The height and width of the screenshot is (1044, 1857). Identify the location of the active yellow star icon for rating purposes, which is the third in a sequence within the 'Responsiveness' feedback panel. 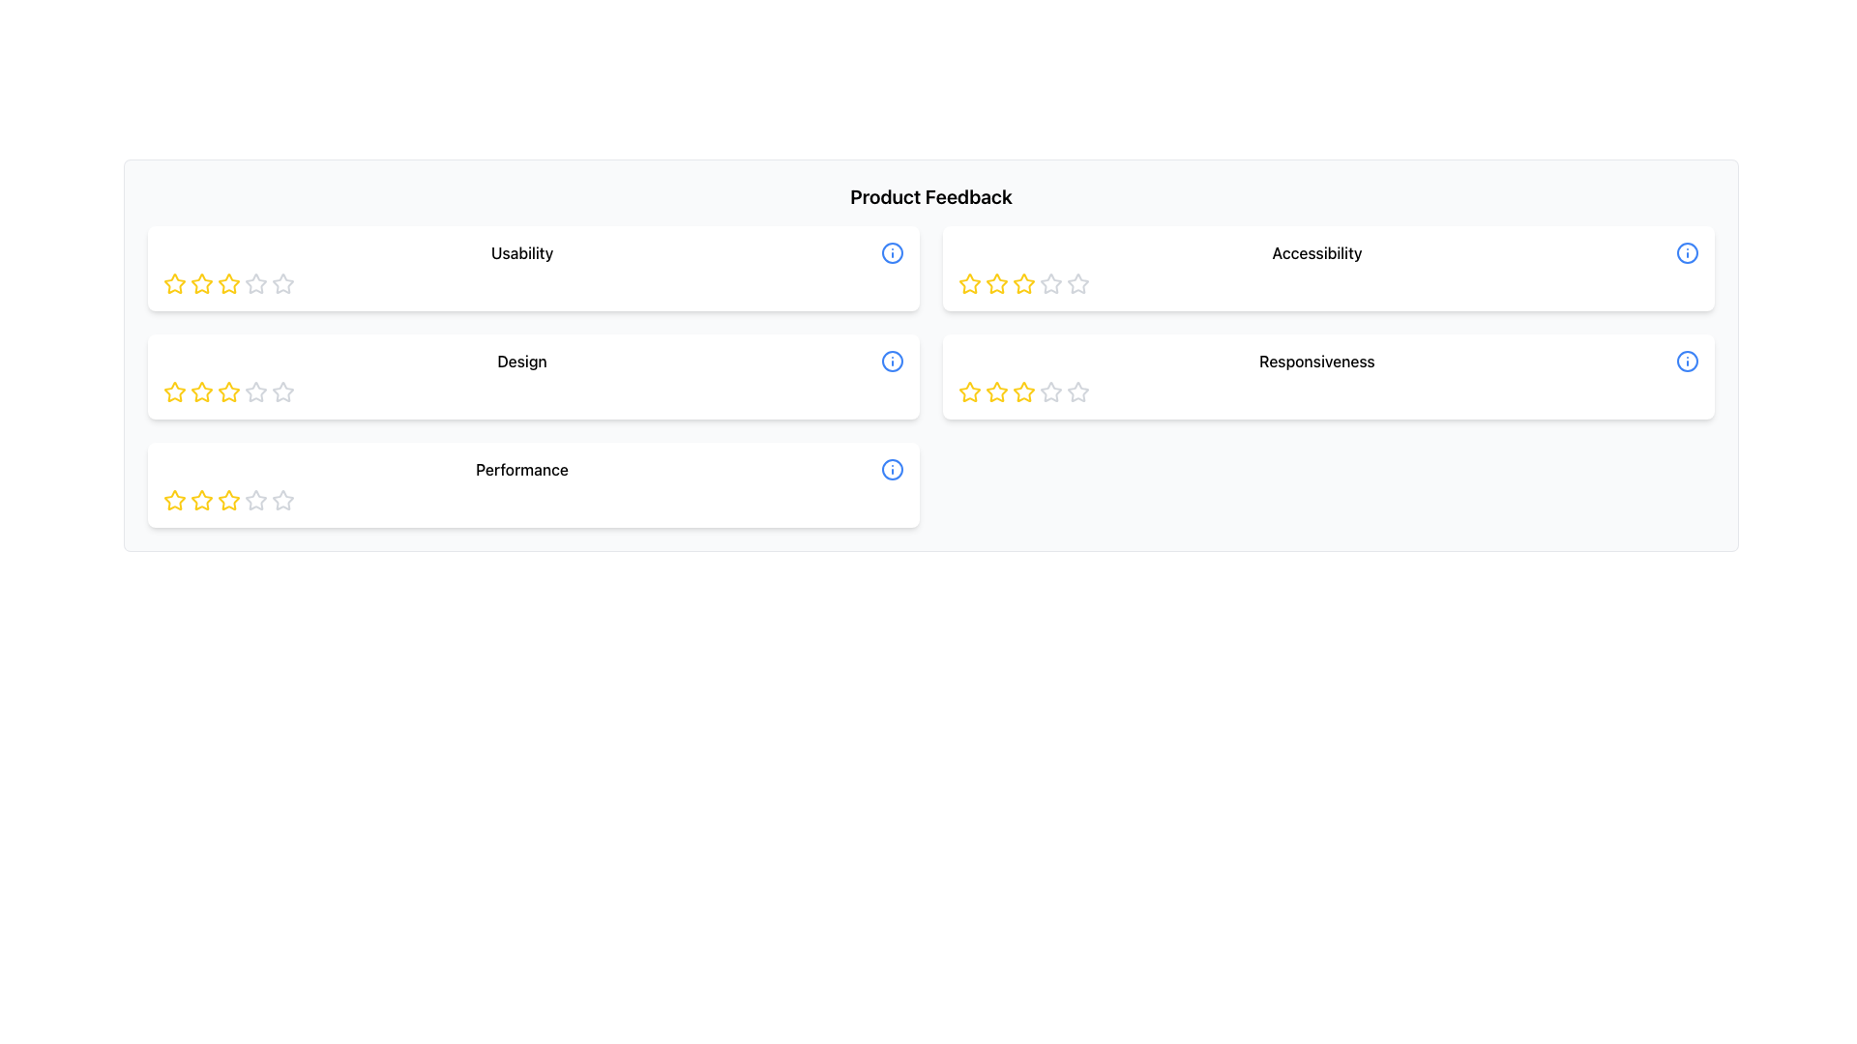
(997, 391).